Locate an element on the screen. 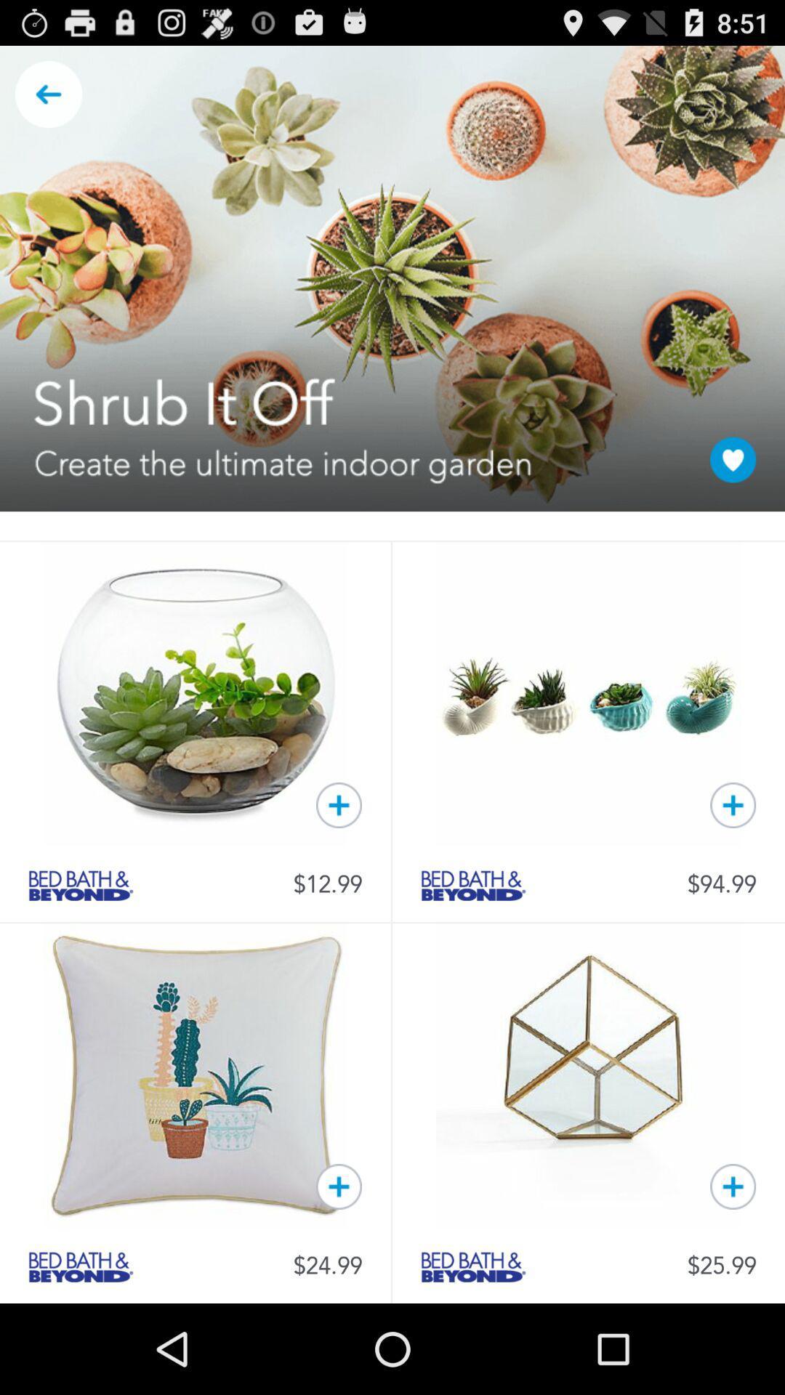 The height and width of the screenshot is (1395, 785). to cart is located at coordinates (733, 804).